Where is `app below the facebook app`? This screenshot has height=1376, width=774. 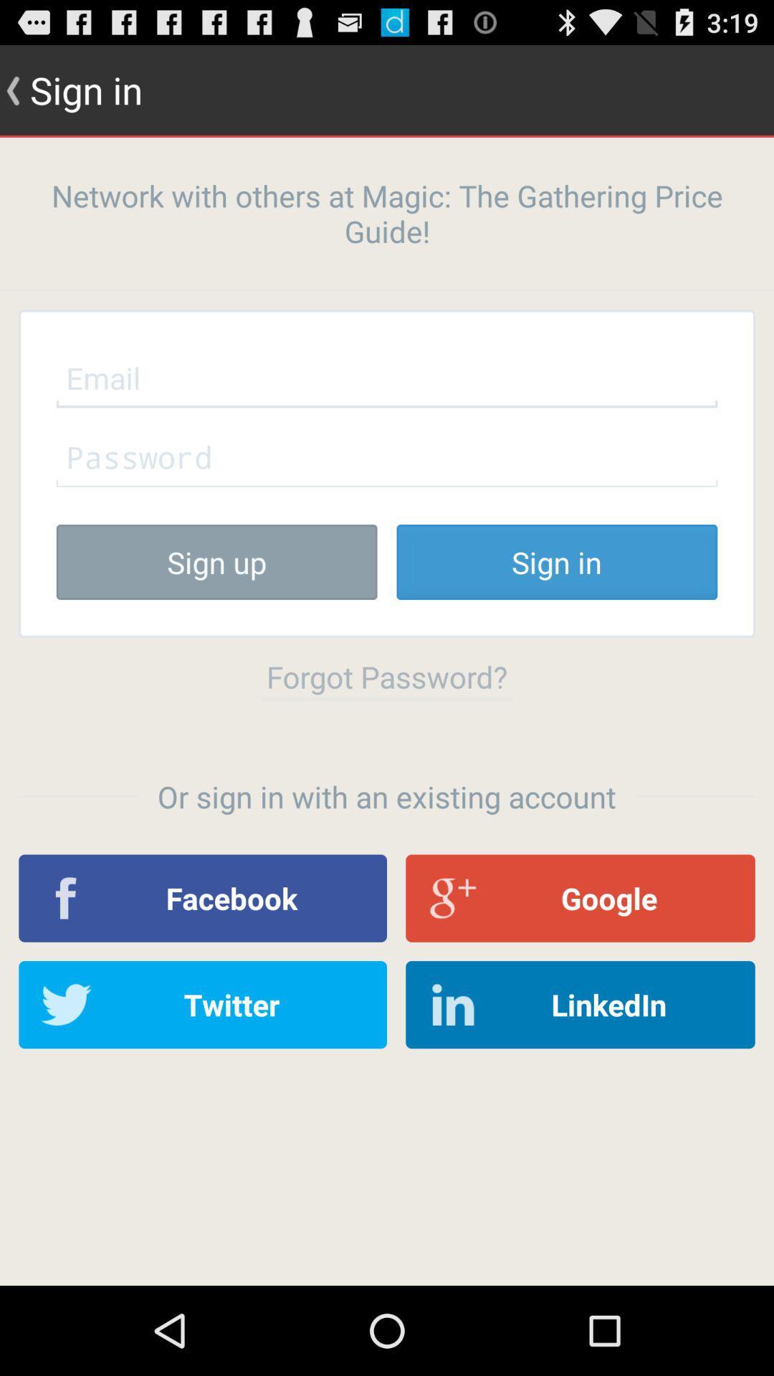
app below the facebook app is located at coordinates (203, 1004).